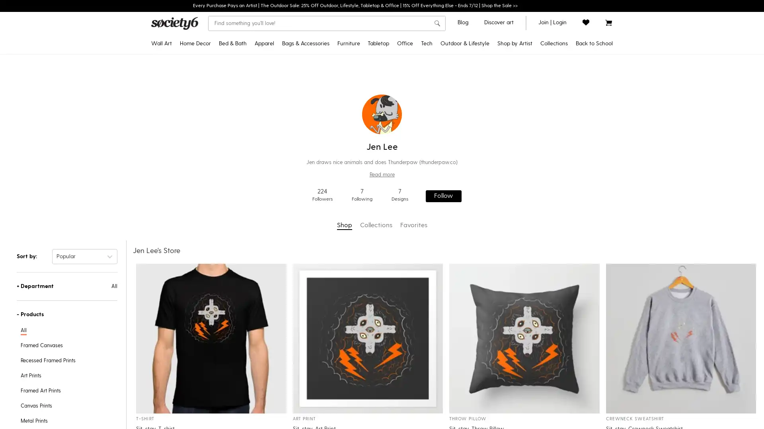 This screenshot has width=764, height=429. I want to click on Makeup Bags, so click(311, 140).